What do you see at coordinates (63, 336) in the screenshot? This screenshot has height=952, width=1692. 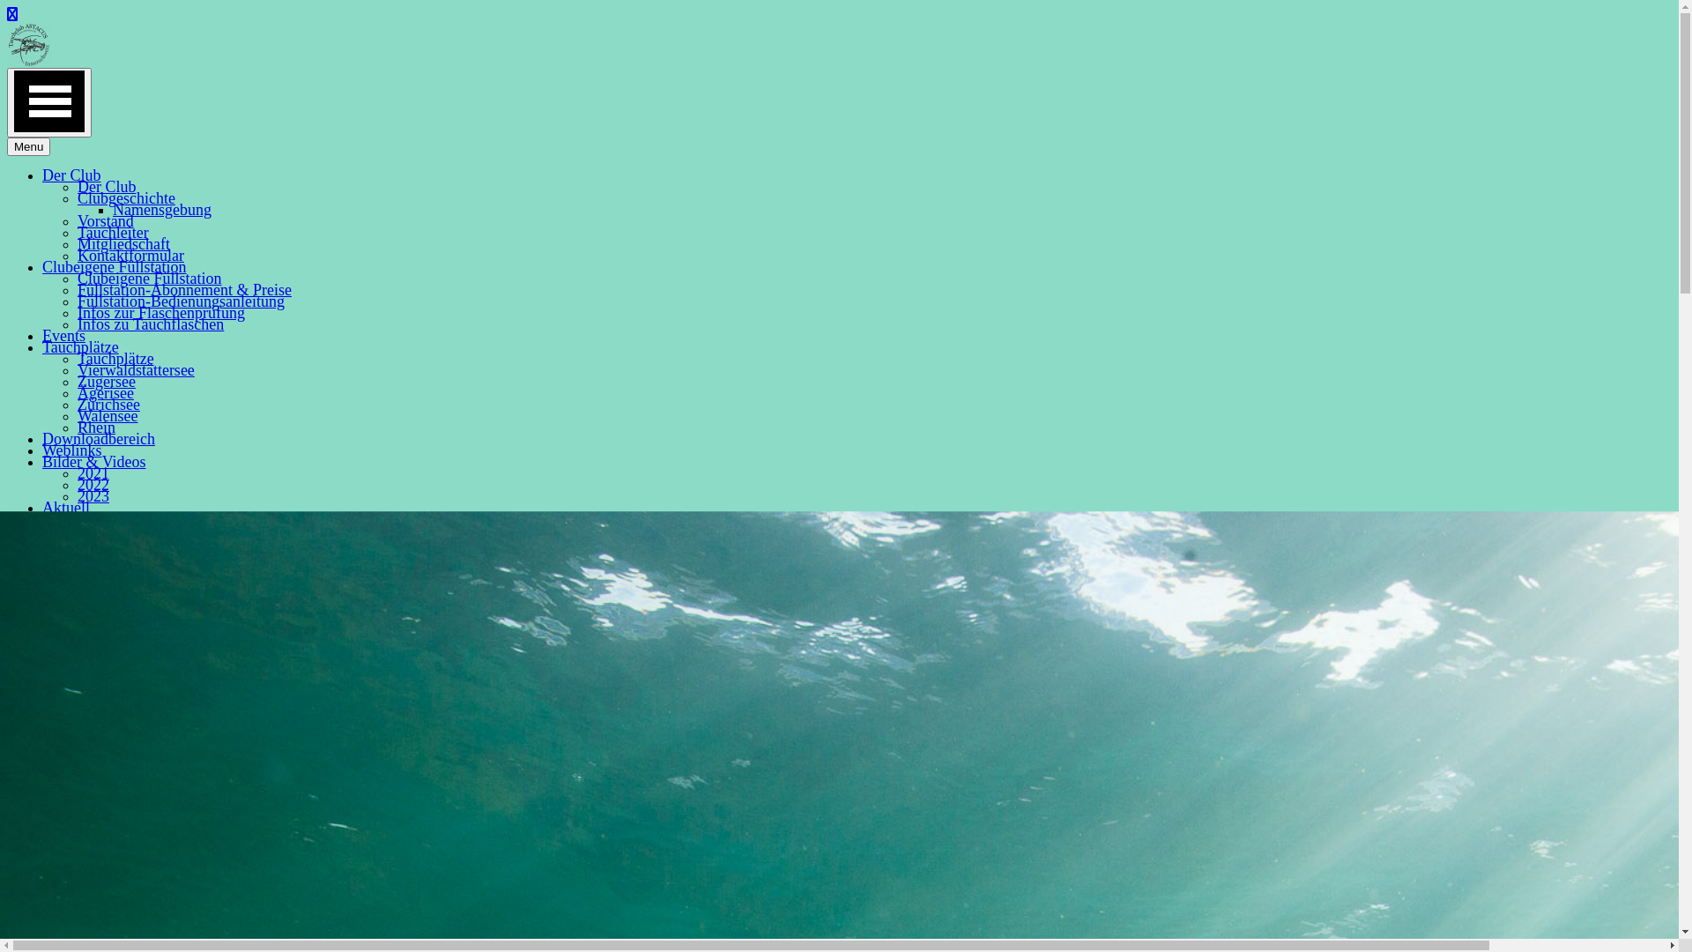 I see `'Events'` at bounding box center [63, 336].